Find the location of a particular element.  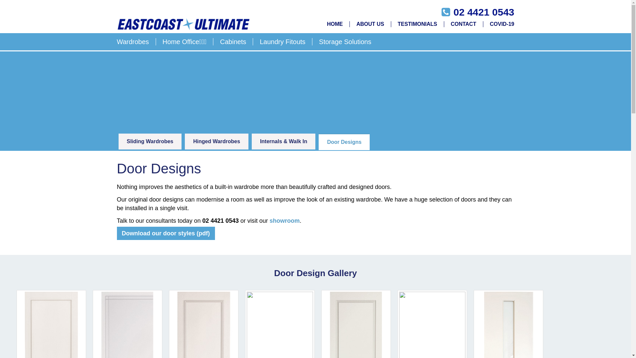

'Sliding Wardrobes' is located at coordinates (150, 141).